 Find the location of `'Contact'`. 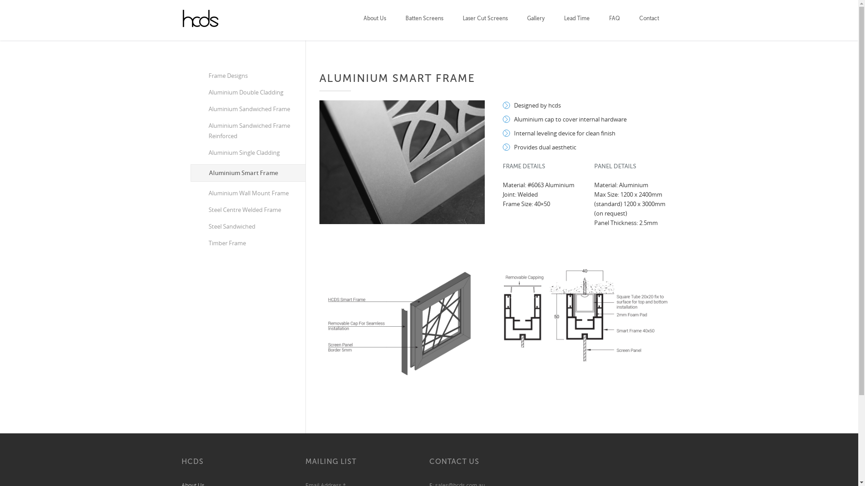

'Contact' is located at coordinates (649, 20).